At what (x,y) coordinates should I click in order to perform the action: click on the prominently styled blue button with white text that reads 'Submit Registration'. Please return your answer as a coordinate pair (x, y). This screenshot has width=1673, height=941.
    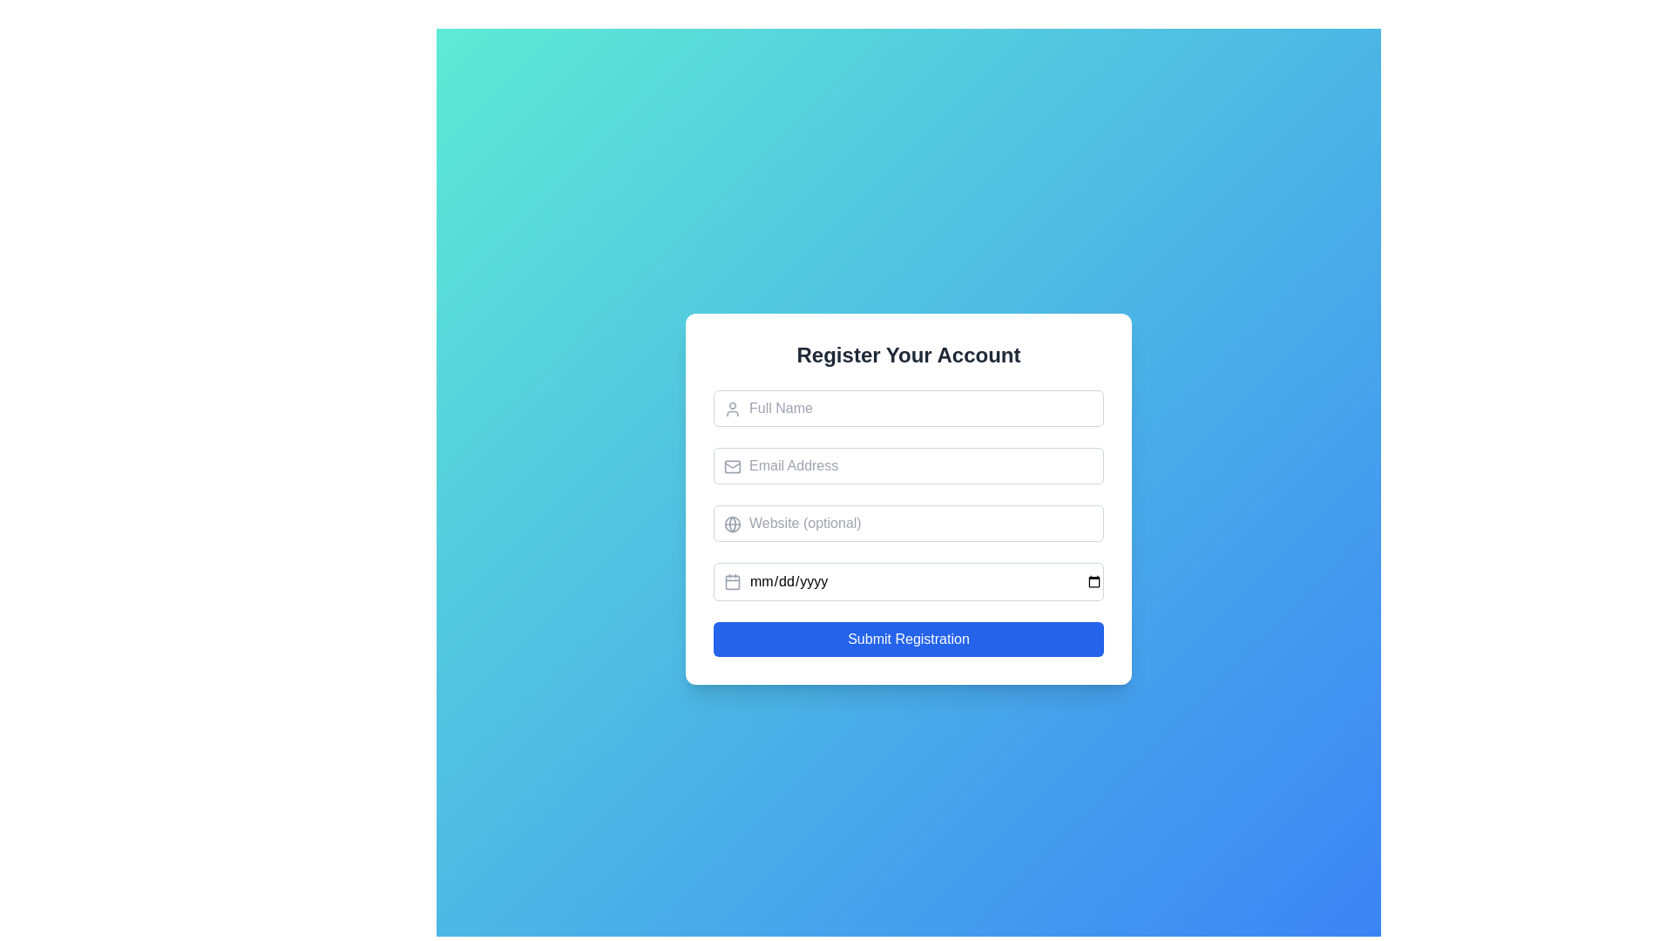
    Looking at the image, I should click on (907, 639).